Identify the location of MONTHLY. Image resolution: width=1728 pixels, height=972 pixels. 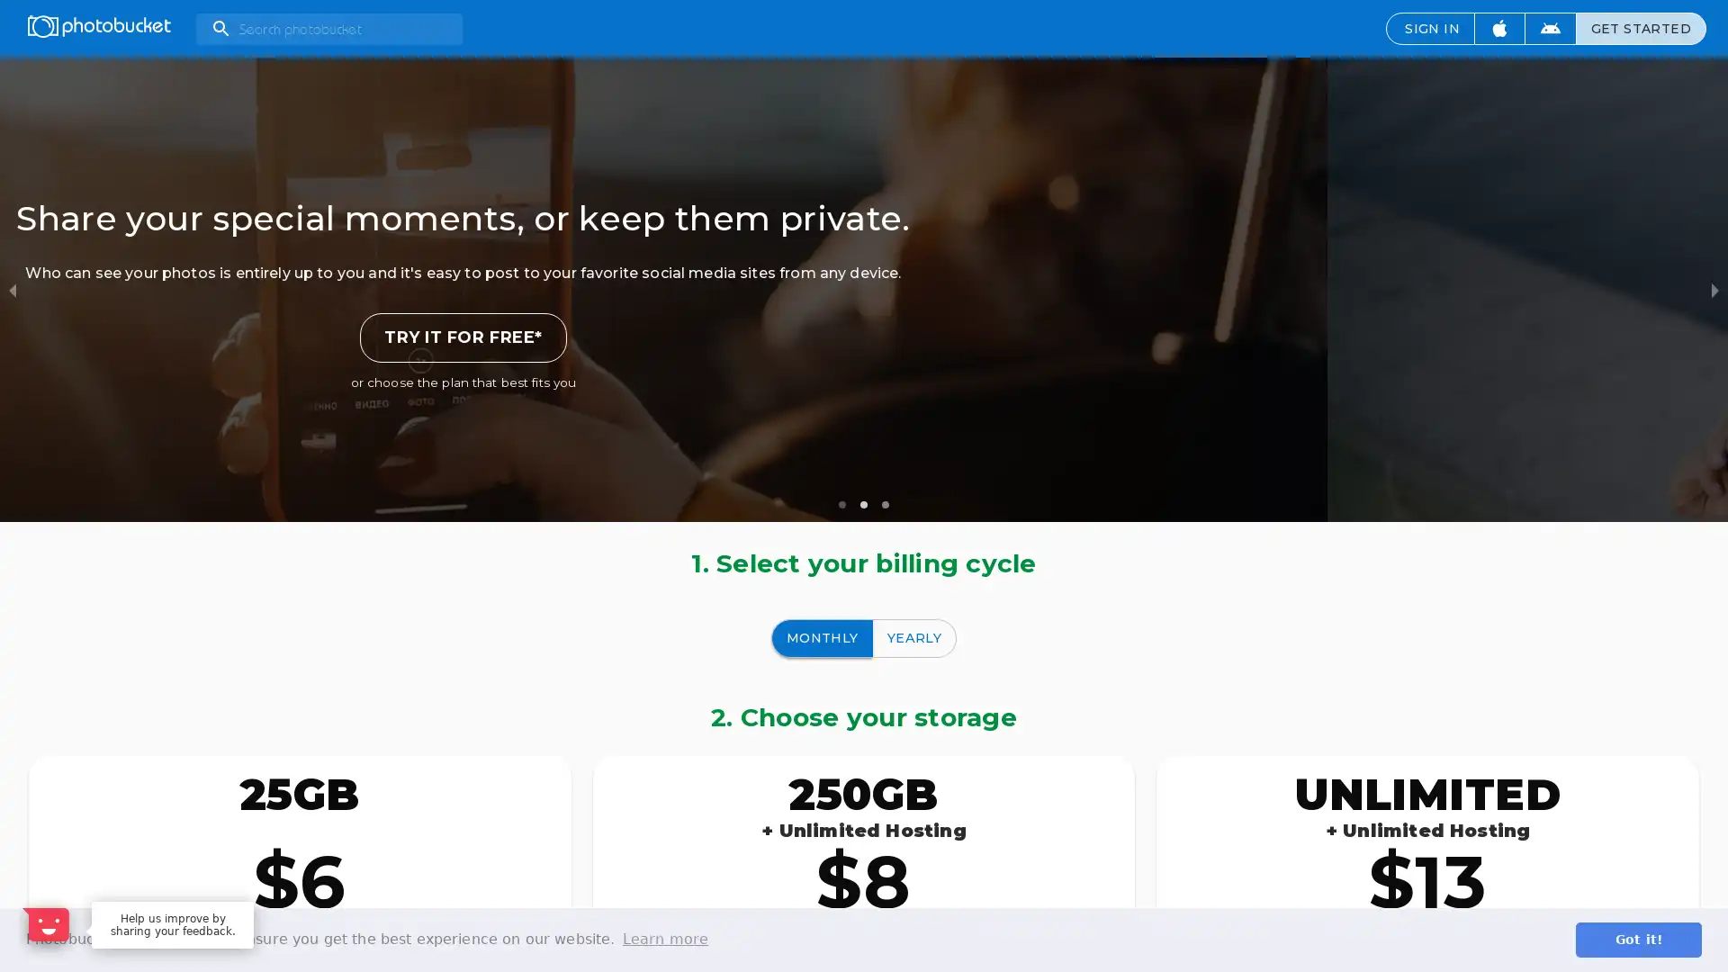
(820, 637).